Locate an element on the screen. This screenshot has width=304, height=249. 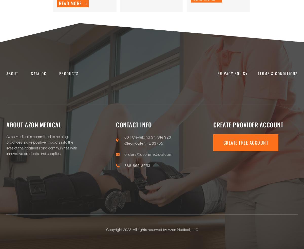
'About' is located at coordinates (12, 73).